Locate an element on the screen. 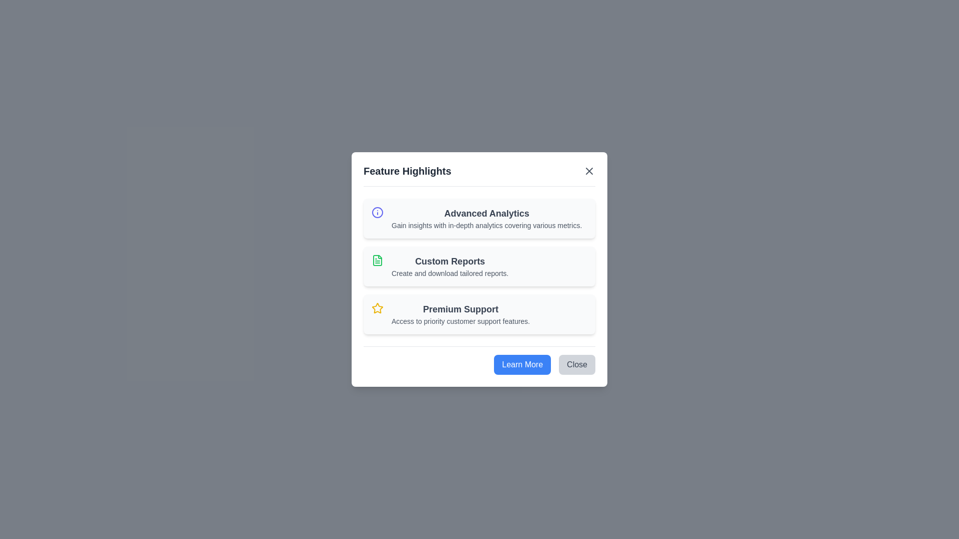 The image size is (959, 539). the green-tinted document icon adjacent to the 'Custom Reports' feature name in the second row of the vertical list within the modal is located at coordinates (377, 260).